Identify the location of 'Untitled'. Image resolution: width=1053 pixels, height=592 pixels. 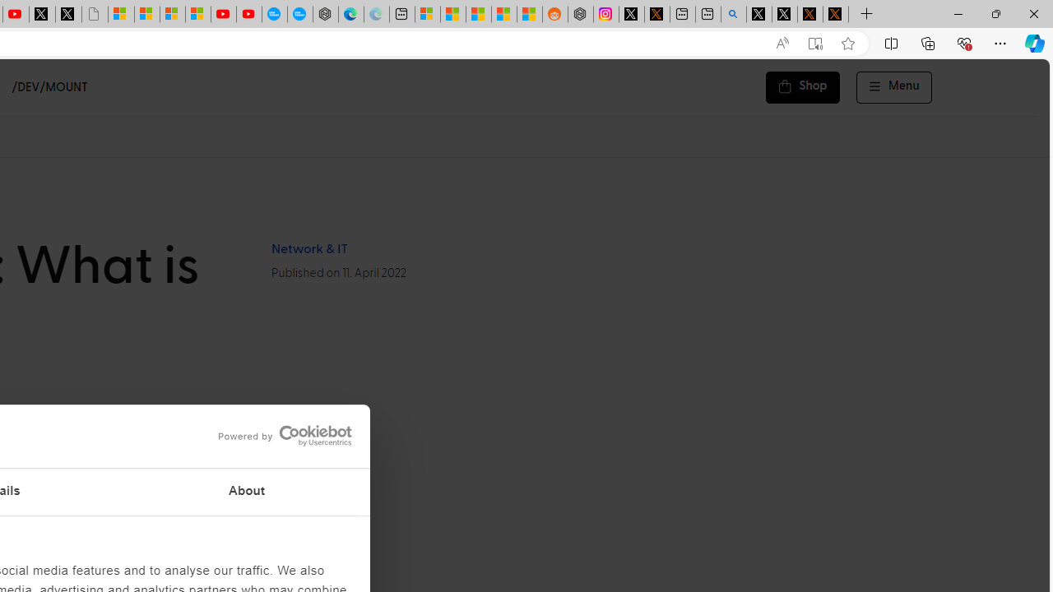
(94, 14).